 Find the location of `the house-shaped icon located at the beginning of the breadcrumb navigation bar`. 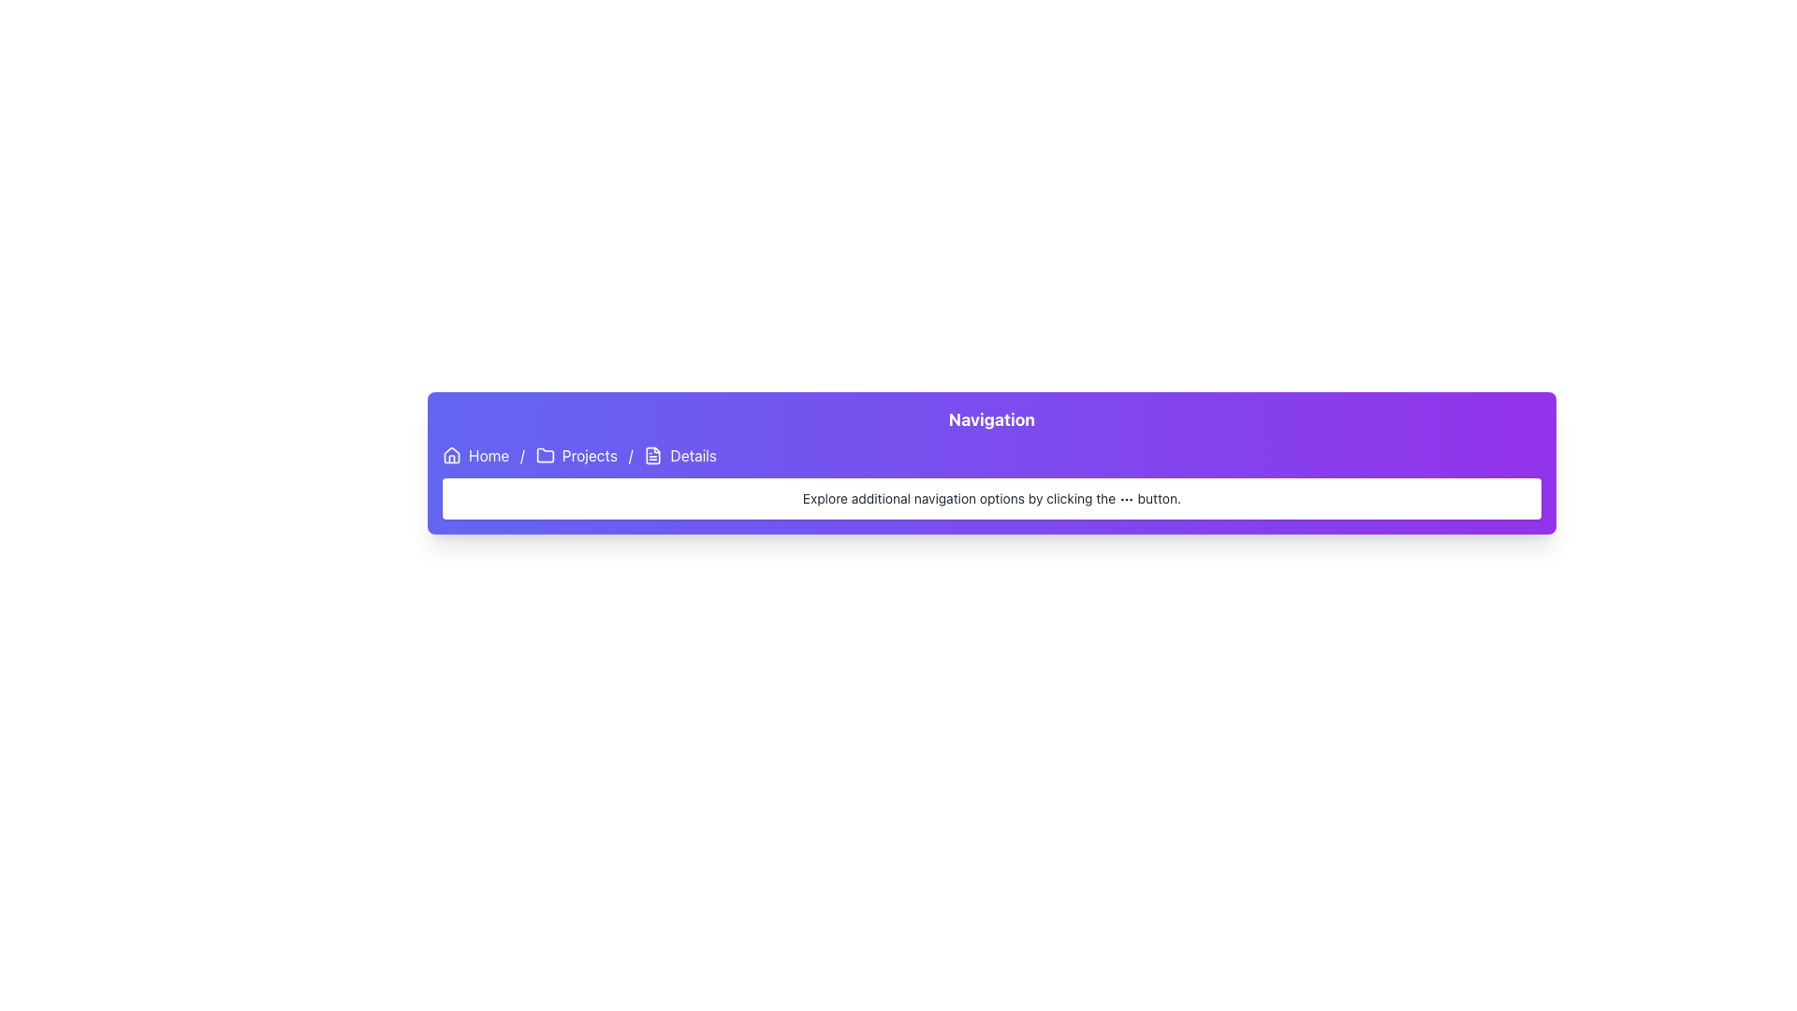

the house-shaped icon located at the beginning of the breadcrumb navigation bar is located at coordinates (452, 455).